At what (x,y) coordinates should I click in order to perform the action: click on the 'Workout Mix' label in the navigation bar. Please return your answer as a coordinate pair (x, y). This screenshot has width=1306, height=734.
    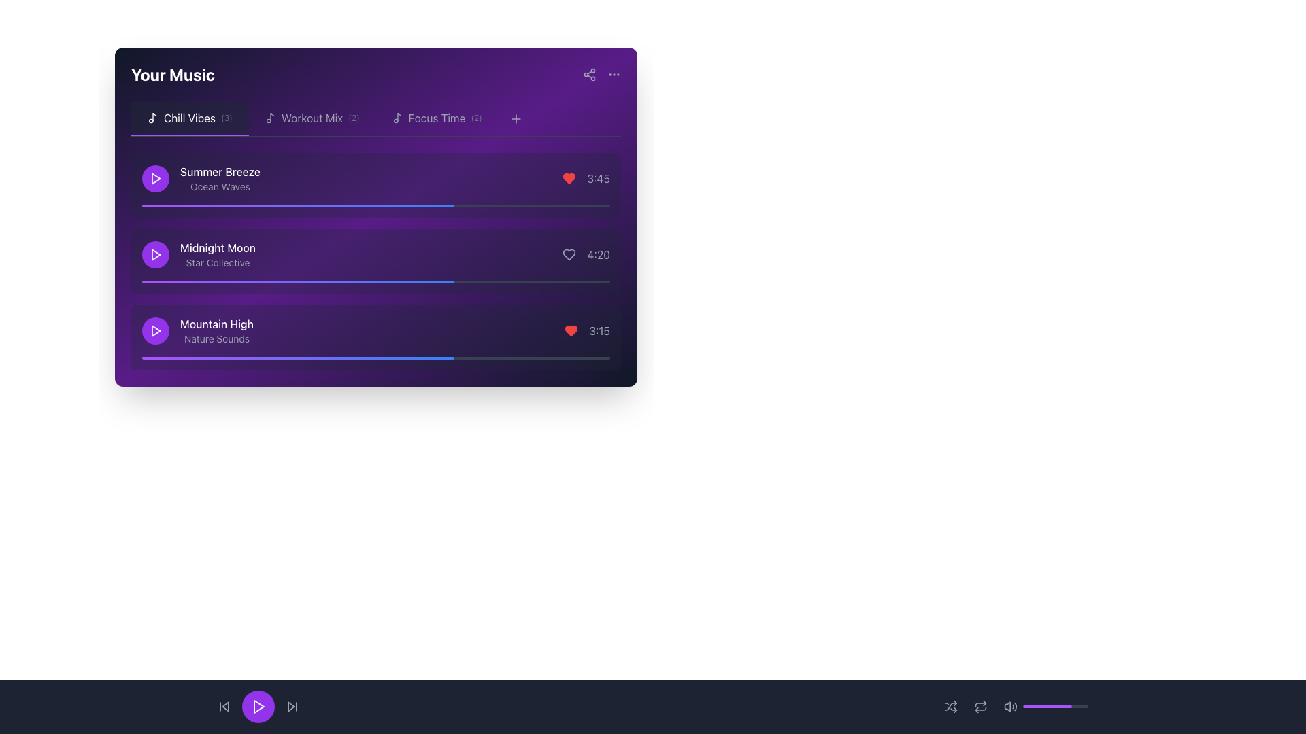
    Looking at the image, I should click on (312, 117).